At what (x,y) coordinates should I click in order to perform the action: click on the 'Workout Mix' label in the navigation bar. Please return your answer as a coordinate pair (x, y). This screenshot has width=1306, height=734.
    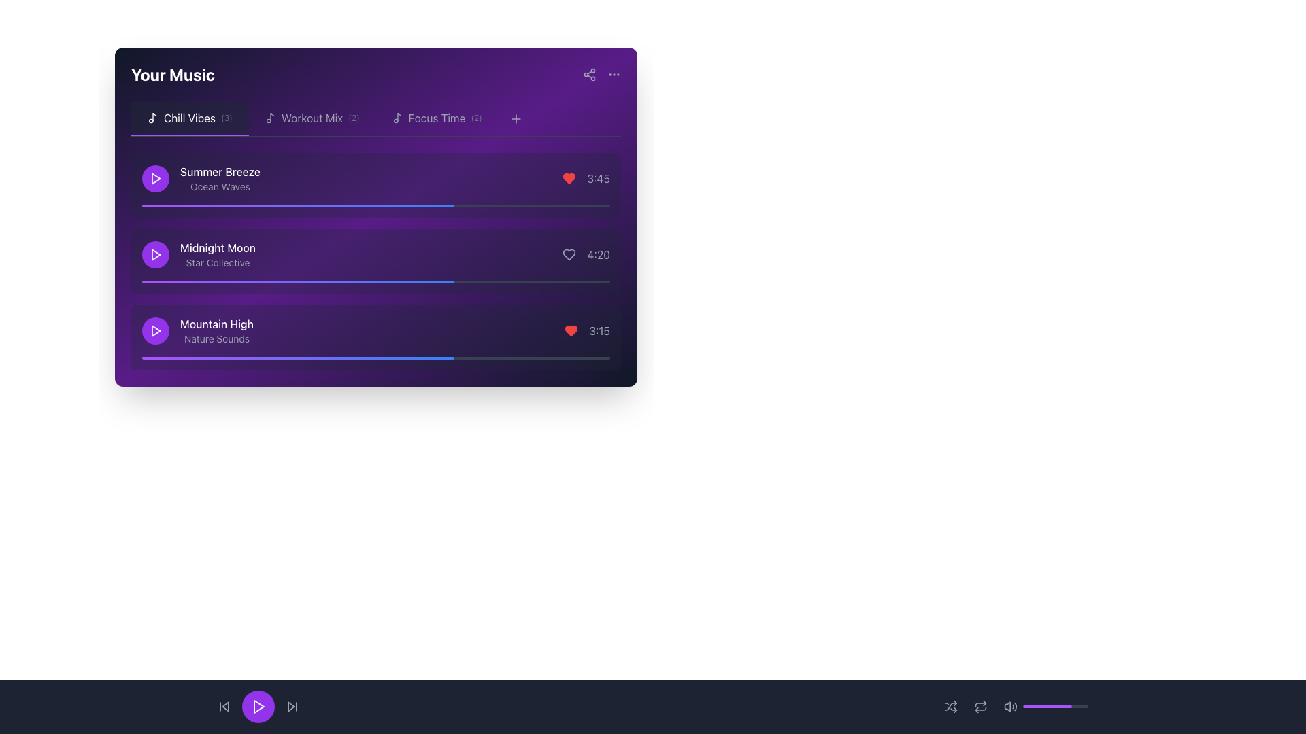
    Looking at the image, I should click on (312, 117).